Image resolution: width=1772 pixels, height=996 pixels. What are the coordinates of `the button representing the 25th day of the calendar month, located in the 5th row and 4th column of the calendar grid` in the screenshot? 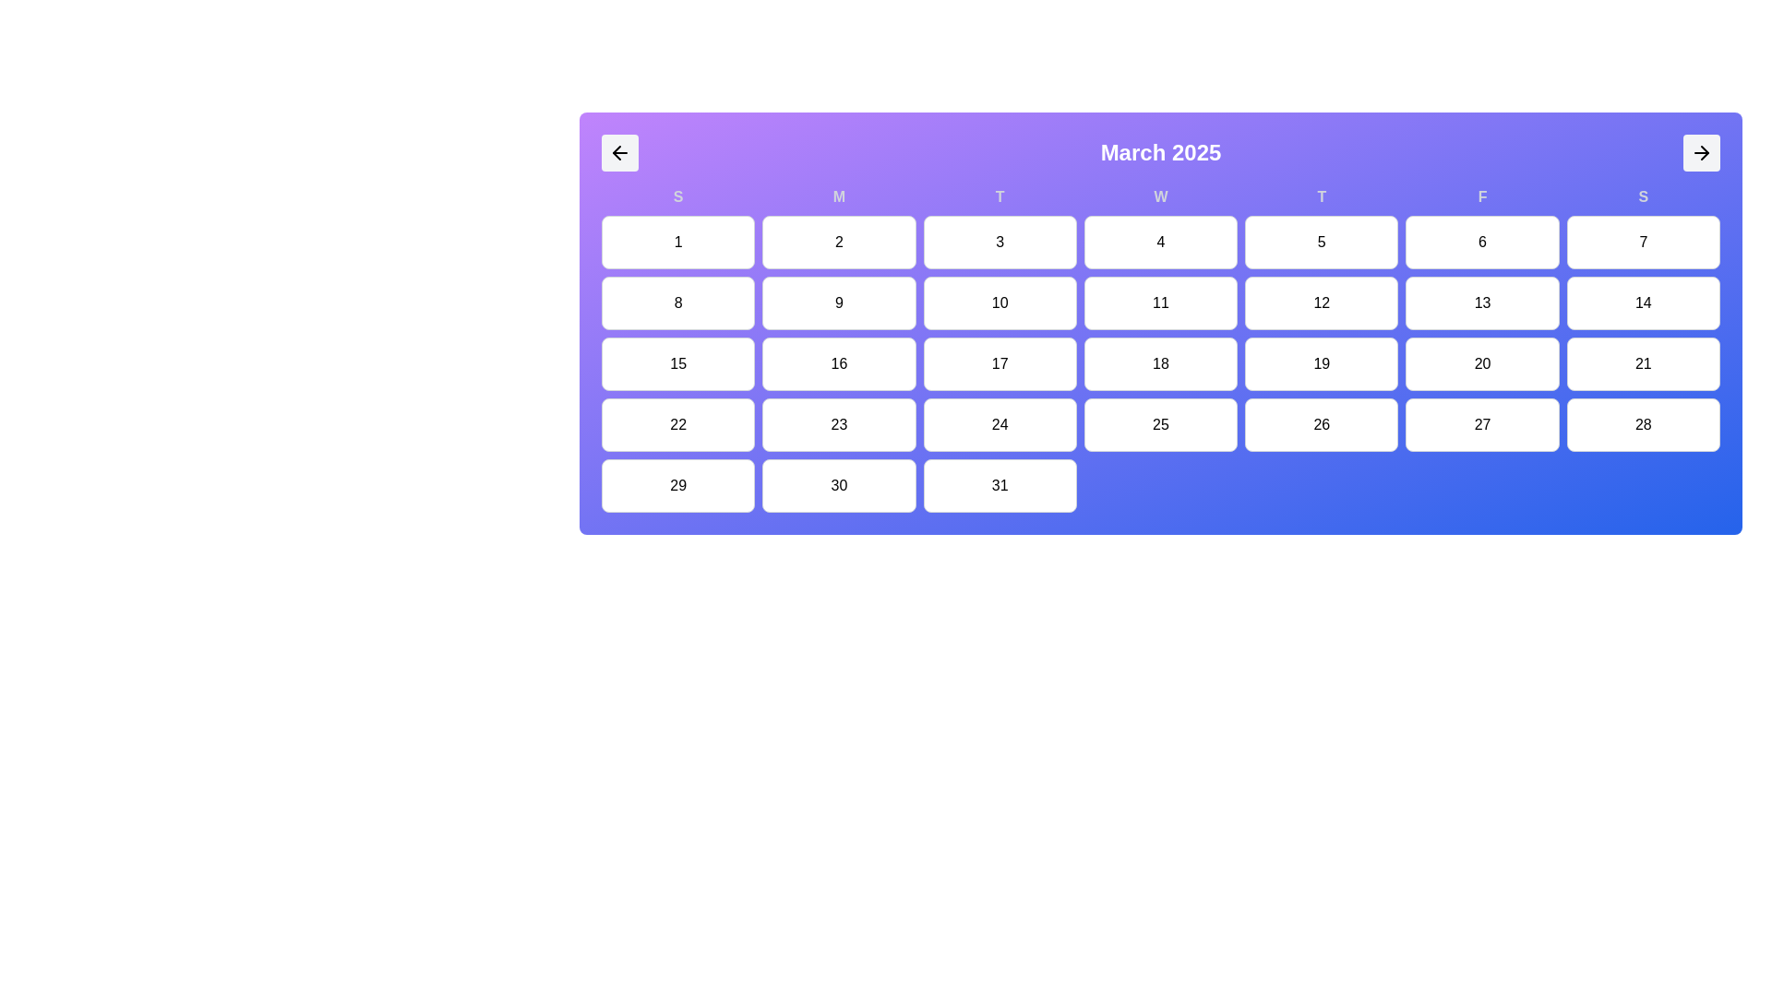 It's located at (1159, 425).